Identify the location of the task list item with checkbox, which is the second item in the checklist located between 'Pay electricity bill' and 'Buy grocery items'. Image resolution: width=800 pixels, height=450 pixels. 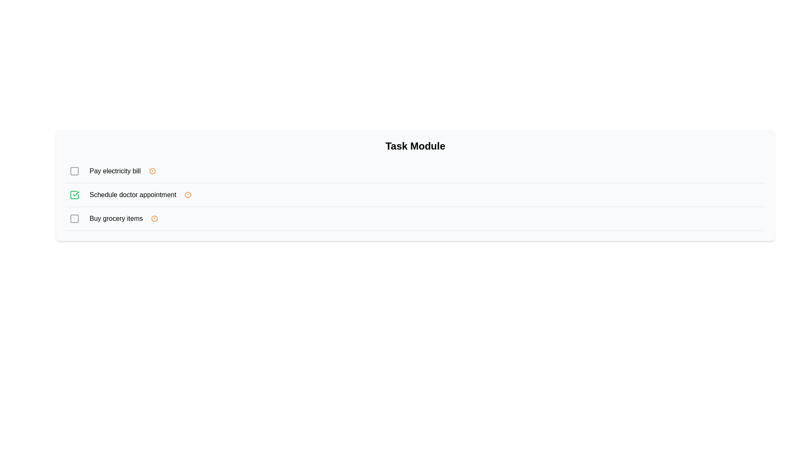
(415, 195).